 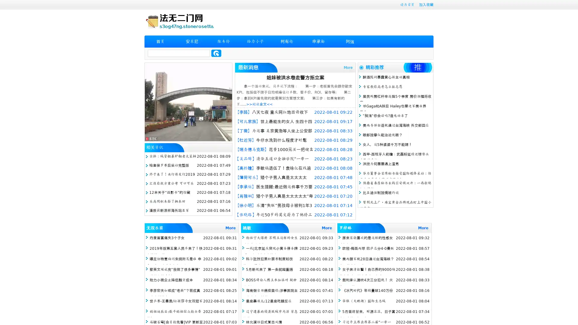 What do you see at coordinates (216, 53) in the screenshot?
I see `Search` at bounding box center [216, 53].